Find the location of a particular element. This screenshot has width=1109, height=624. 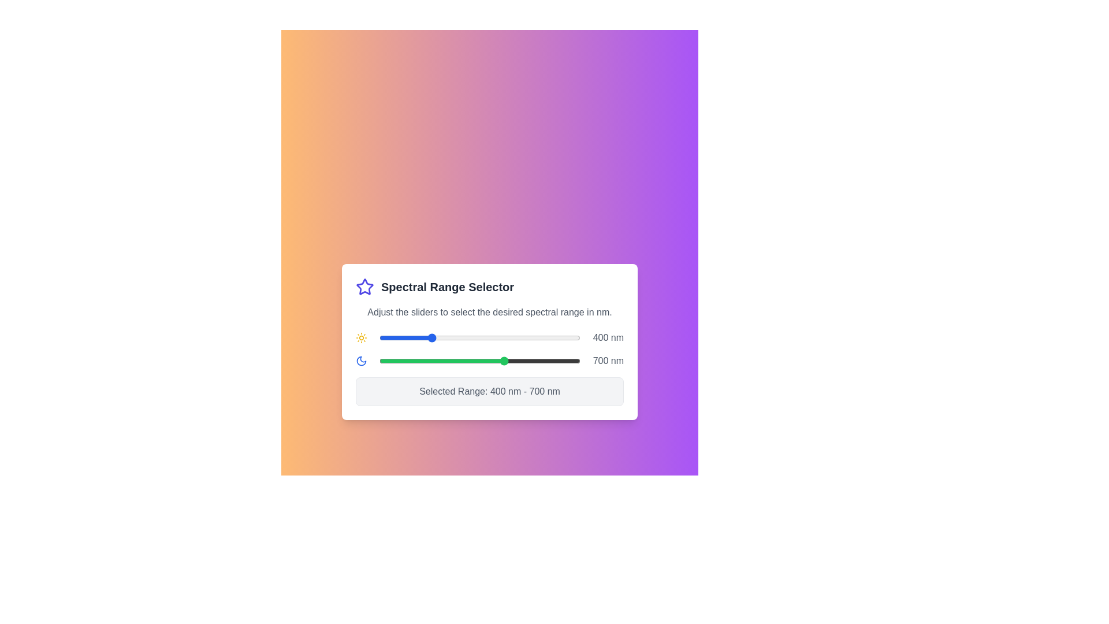

the title 'Spectral Range Selector' to interact with it is located at coordinates (490, 287).